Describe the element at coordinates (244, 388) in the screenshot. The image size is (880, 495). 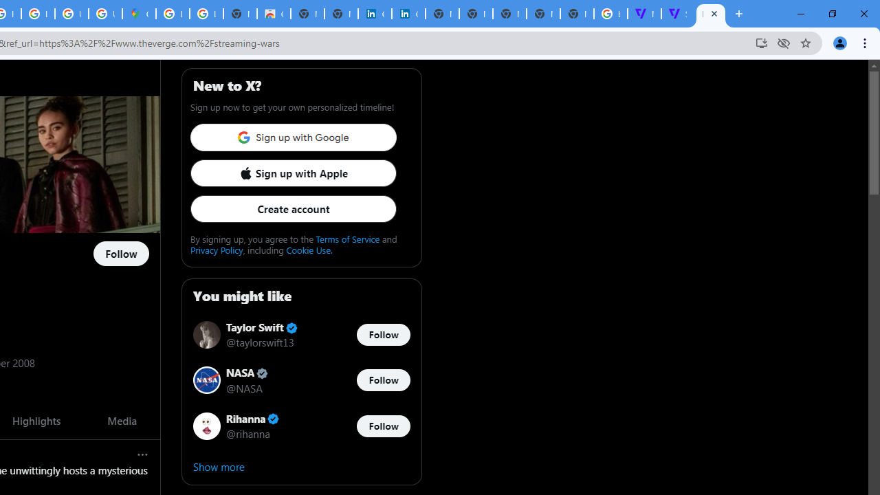
I see `'@NASA'` at that location.